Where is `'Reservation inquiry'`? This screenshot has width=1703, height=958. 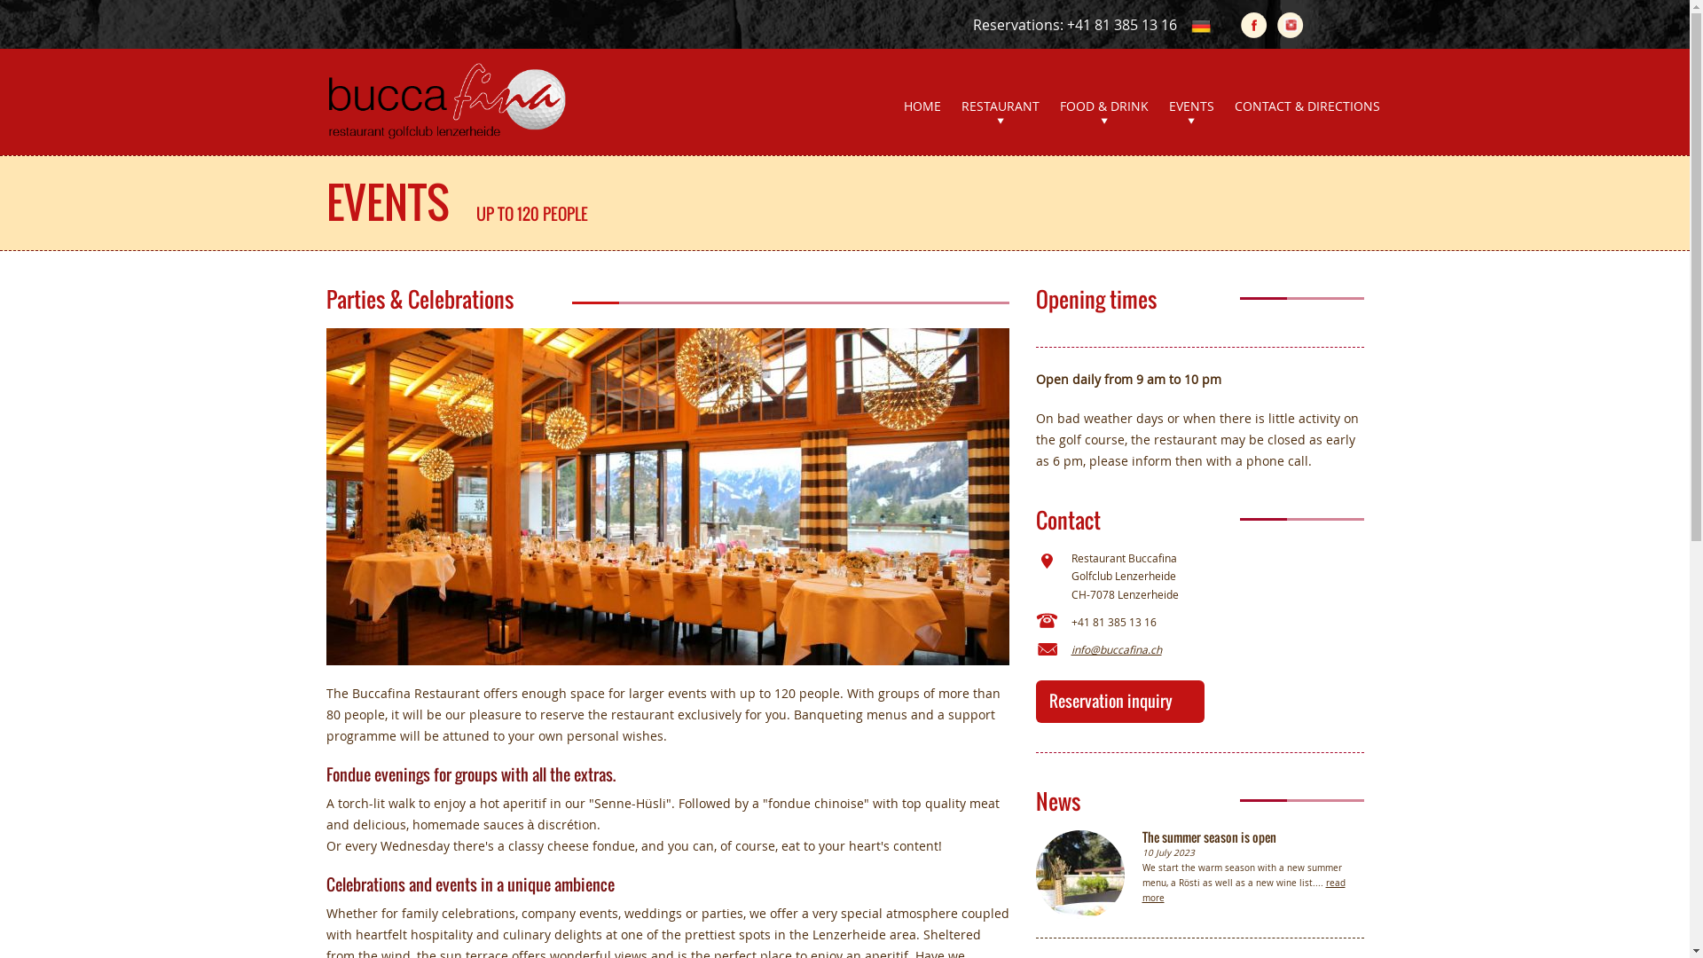
'Reservation inquiry' is located at coordinates (1109, 700).